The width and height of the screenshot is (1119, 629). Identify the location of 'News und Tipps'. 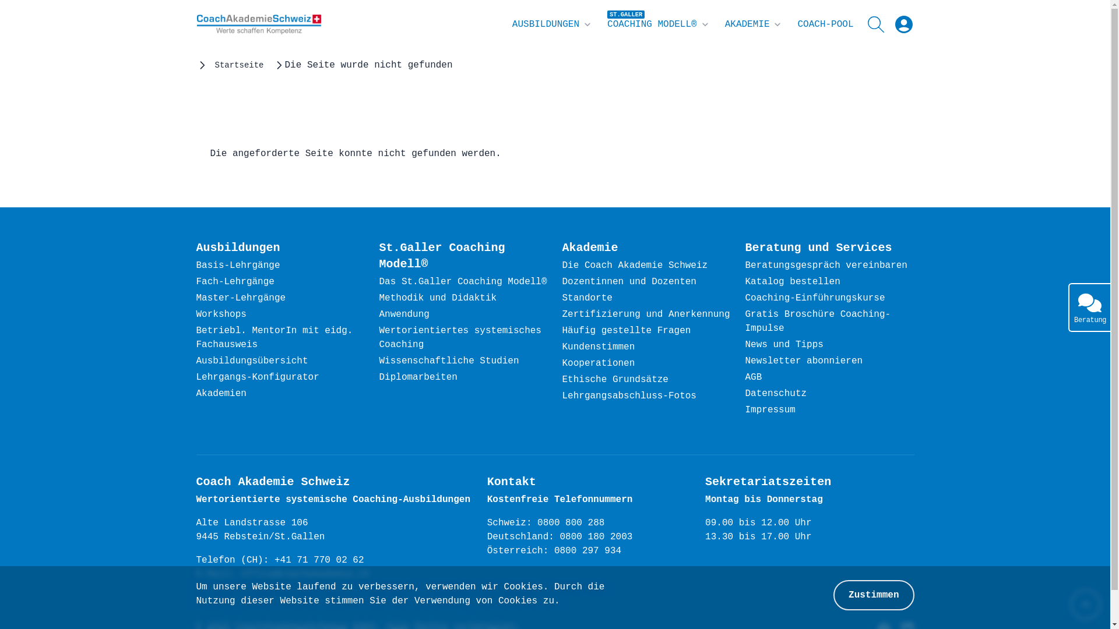
(783, 345).